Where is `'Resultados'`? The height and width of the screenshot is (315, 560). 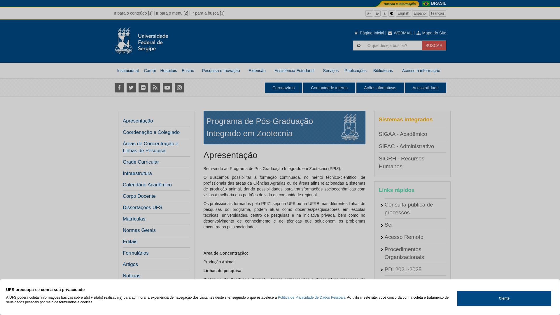
'Resultados' is located at coordinates (134, 287).